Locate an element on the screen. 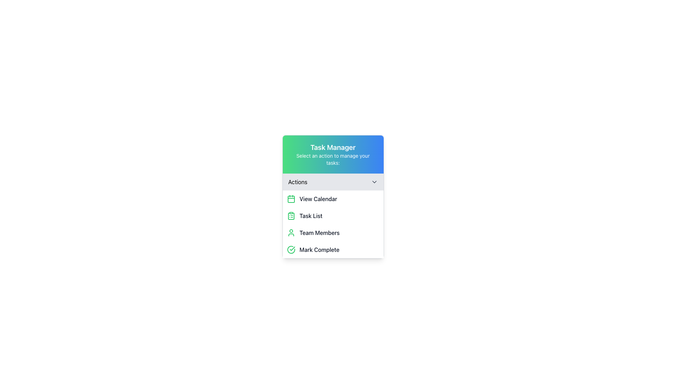 This screenshot has height=381, width=677. the main graphical rectangular component of the calendar icon, located at the lower section of the calendar display, to indicate its selection or primary focus is located at coordinates (291, 199).